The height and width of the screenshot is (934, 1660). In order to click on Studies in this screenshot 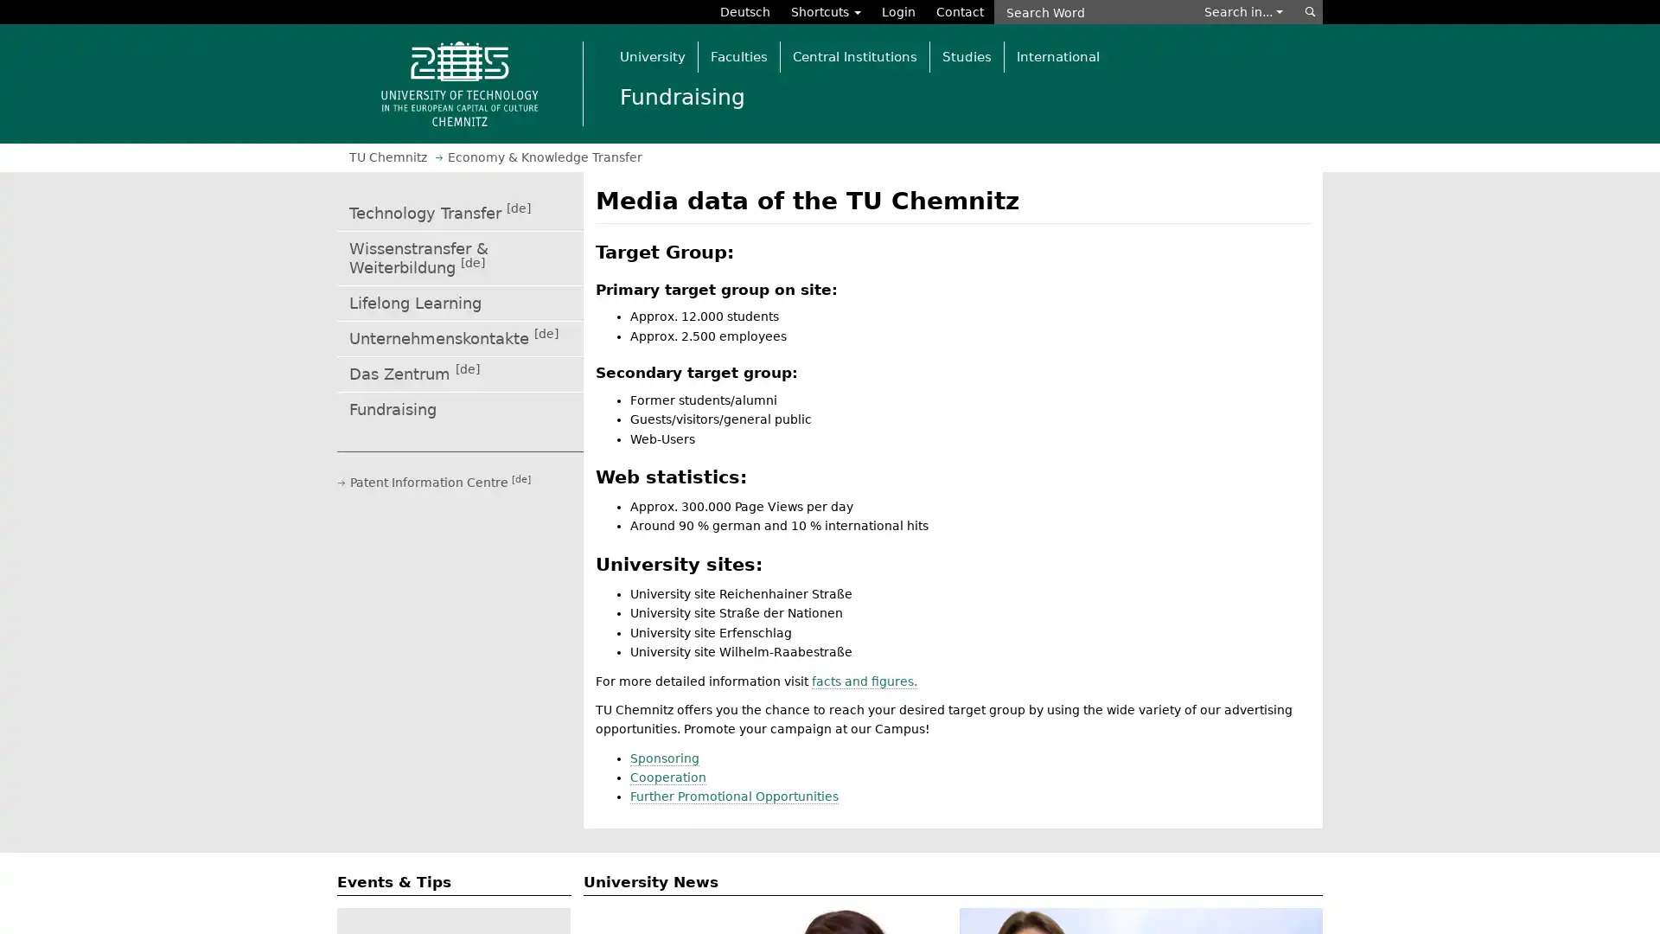, I will do `click(966, 55)`.